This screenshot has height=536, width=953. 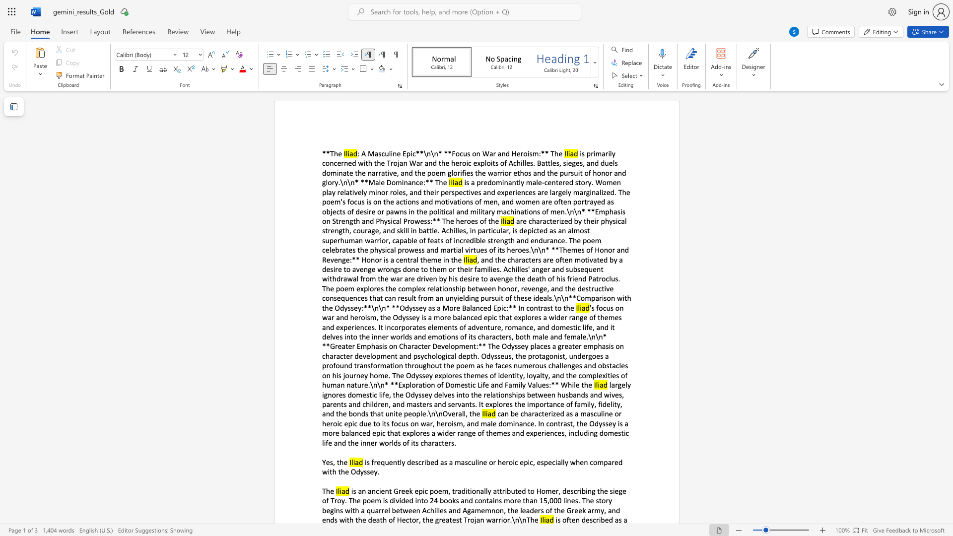 I want to click on the subset text "and endurance. The poem celebrates the physical prowess and martial virtues of its heroes.\n\n* **Themes of Honor and Revenge:**" within the text "are characterized by their physical strength, courage, and skill in battle. Achilles, in particular, is depicted as an almost superhuman warrior, capable of feats of incredible strength and endurance. The poem celebrates the physical prowess and martial virtues of its heroes.\n\n* **Themes of Honor and Revenge:** Honor is a central theme in the", so click(x=516, y=240).